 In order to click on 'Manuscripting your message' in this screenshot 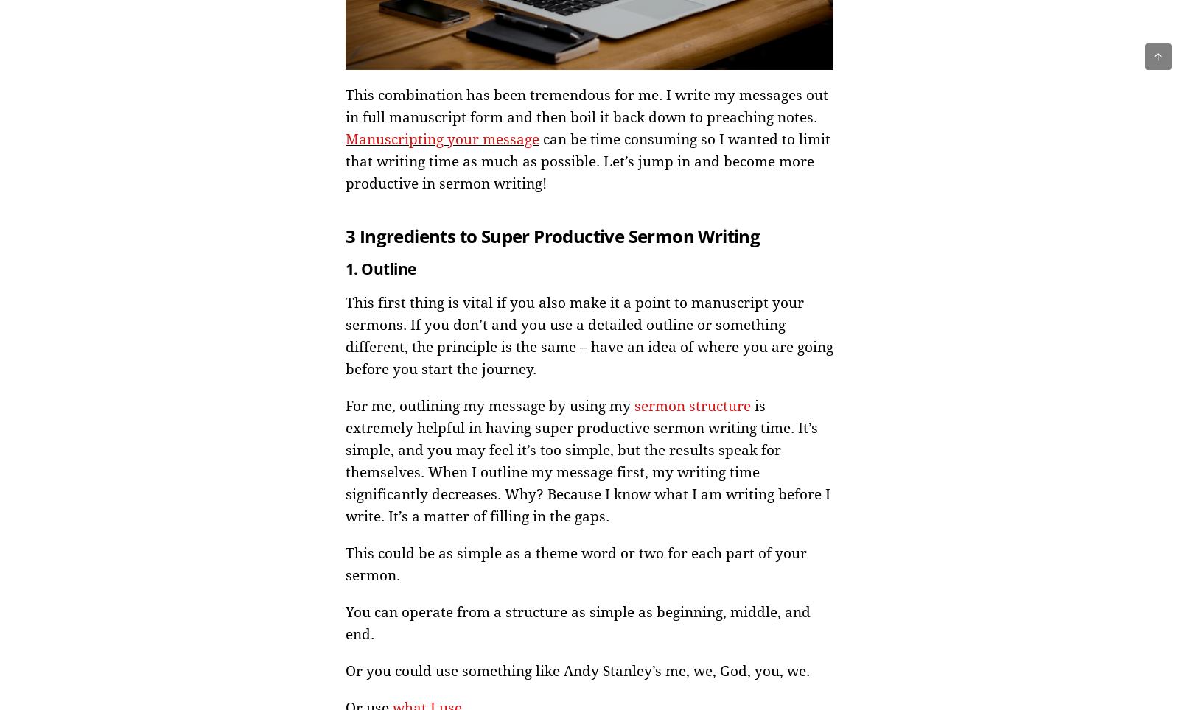, I will do `click(441, 138)`.